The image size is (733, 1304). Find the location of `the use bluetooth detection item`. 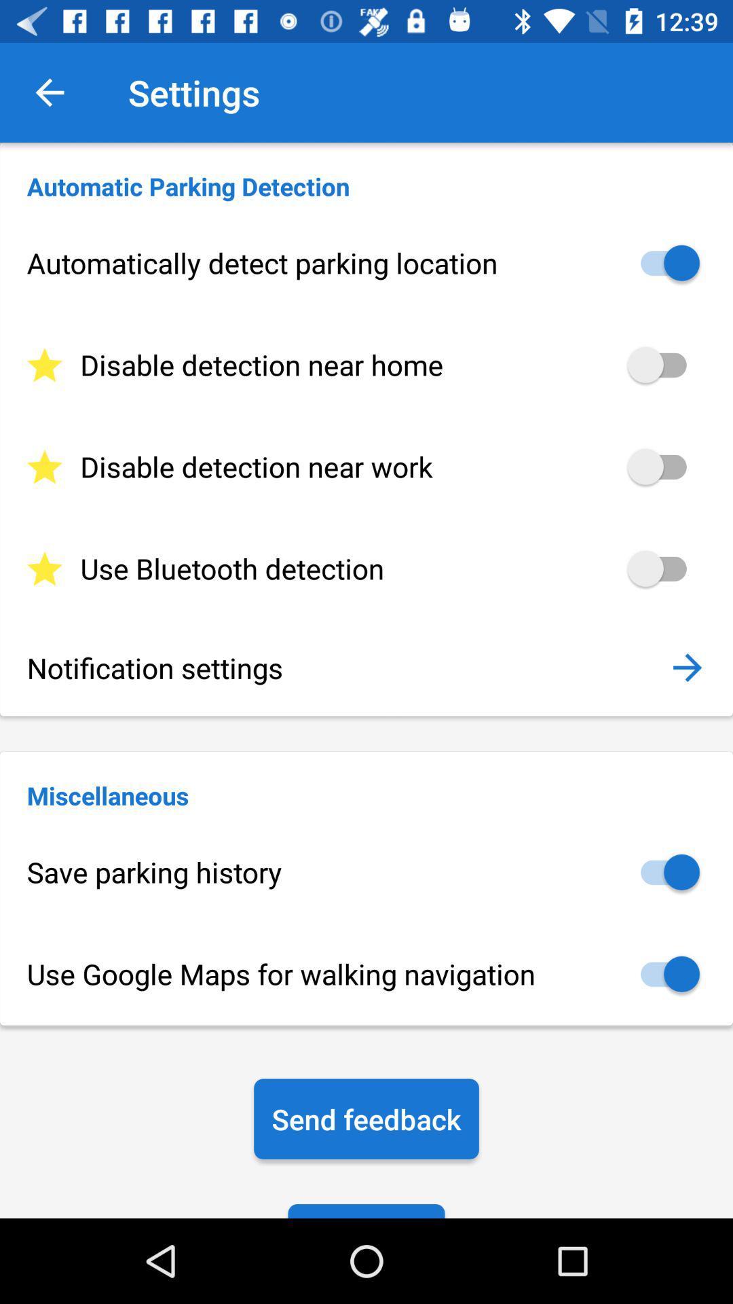

the use bluetooth detection item is located at coordinates (366, 568).